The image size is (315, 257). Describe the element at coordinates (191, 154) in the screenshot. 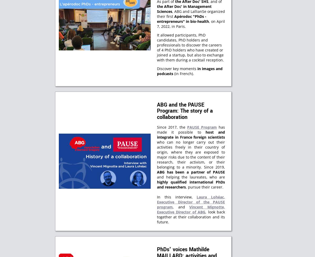

I see `'who can no longer carry out their activities freely in their country of origin, where they are exposed to major risks due to the content of their research, their activism, or their belonging to a minority. Since 2019,'` at that location.